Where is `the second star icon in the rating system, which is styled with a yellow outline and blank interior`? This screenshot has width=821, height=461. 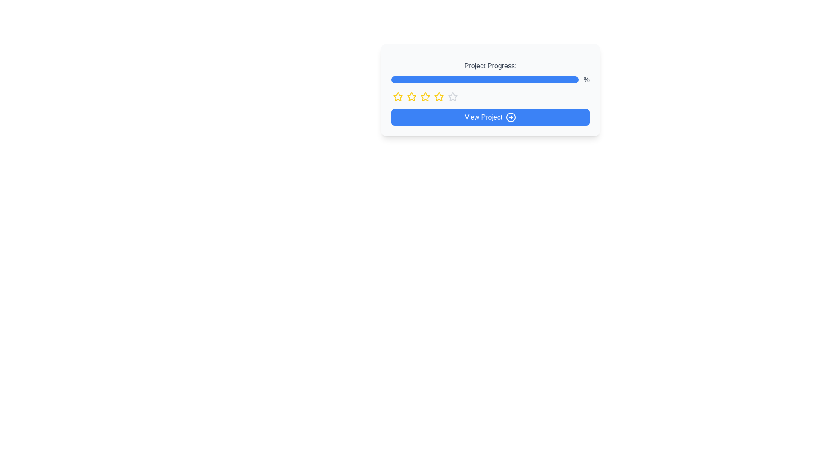
the second star icon in the rating system, which is styled with a yellow outline and blank interior is located at coordinates (412, 96).